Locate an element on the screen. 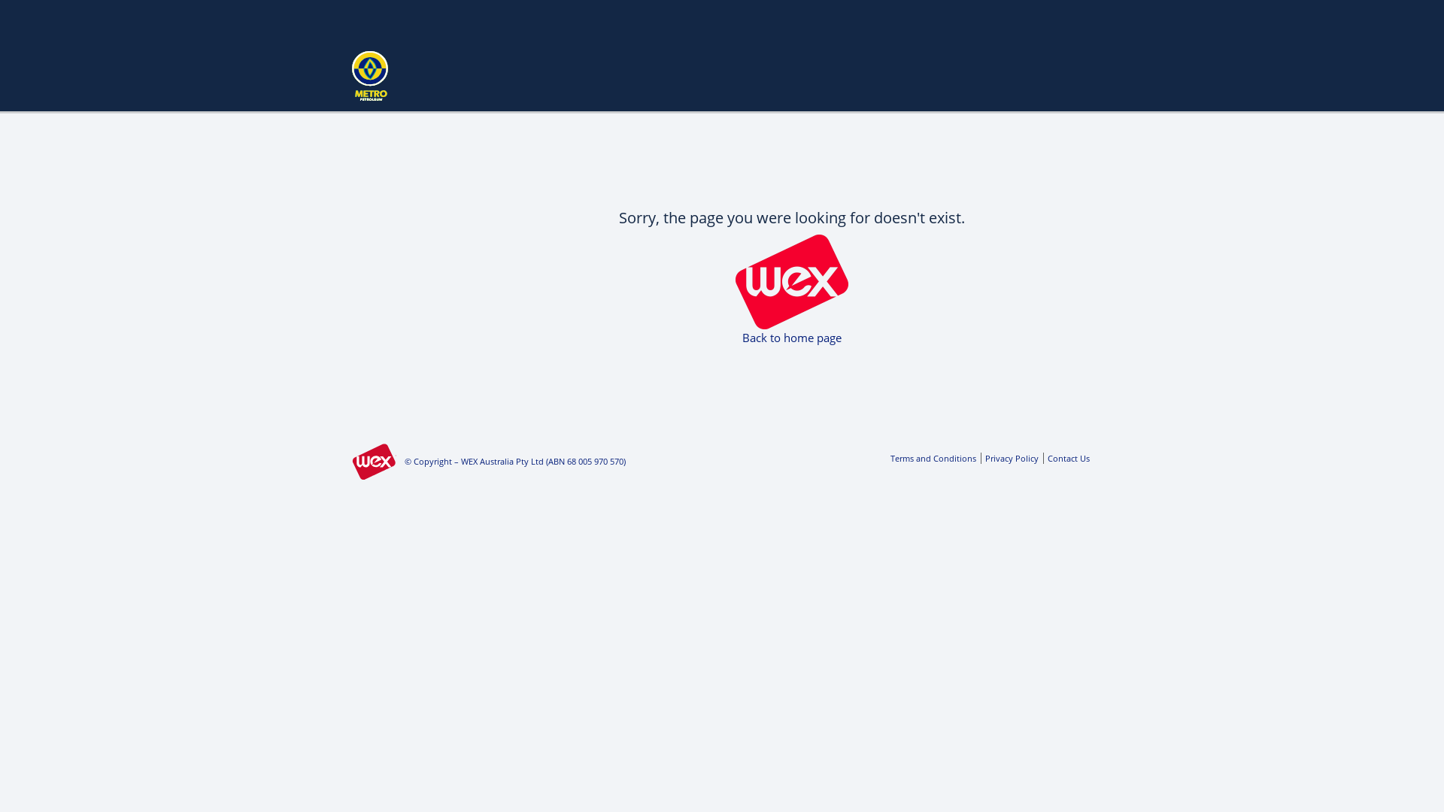 The image size is (1444, 812). 'Privacy Policy' is located at coordinates (1009, 457).